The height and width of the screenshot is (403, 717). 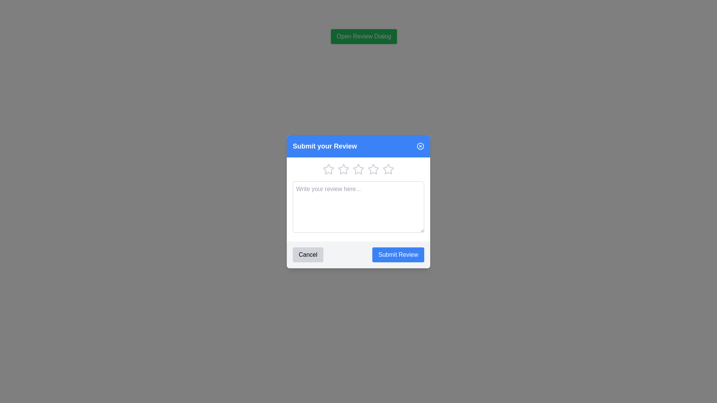 What do you see at coordinates (343, 169) in the screenshot?
I see `the second star icon for rating in the 'Submit your Review' modal for visual feedback` at bounding box center [343, 169].